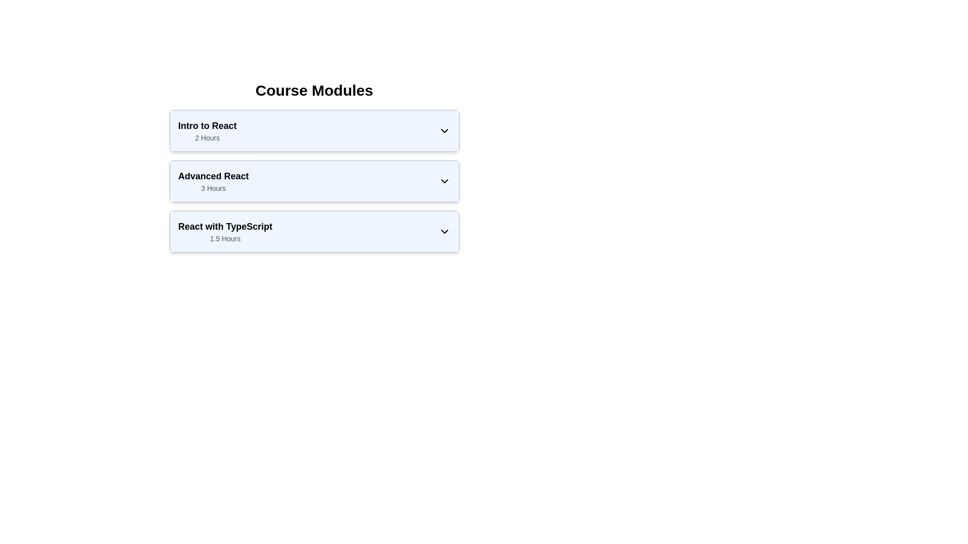  Describe the element at coordinates (314, 166) in the screenshot. I see `the informational section card displaying details about the 'Advanced React' course module, which is the second item in the vertical list of course modules` at that location.